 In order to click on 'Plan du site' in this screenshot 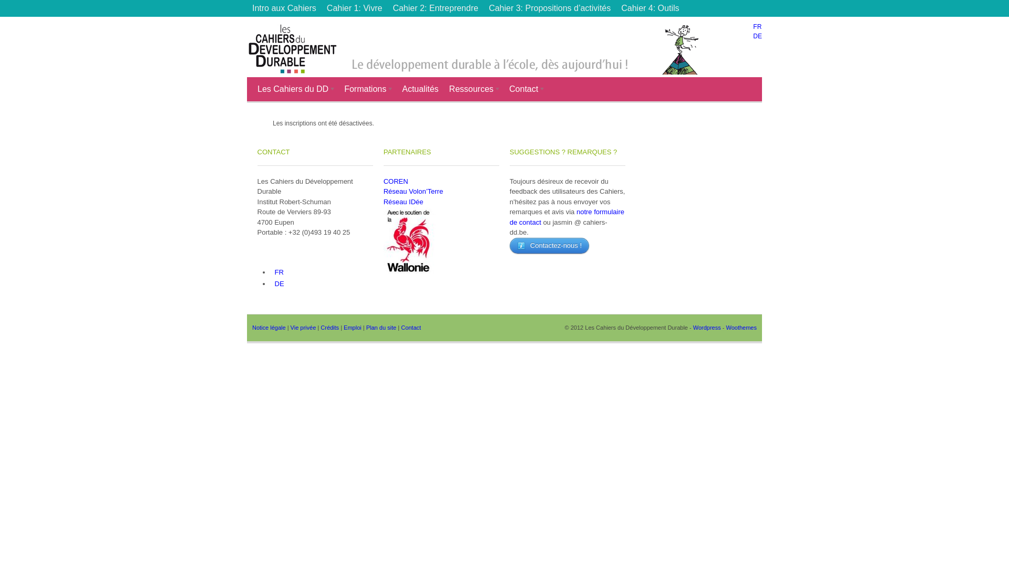, I will do `click(380, 327)`.